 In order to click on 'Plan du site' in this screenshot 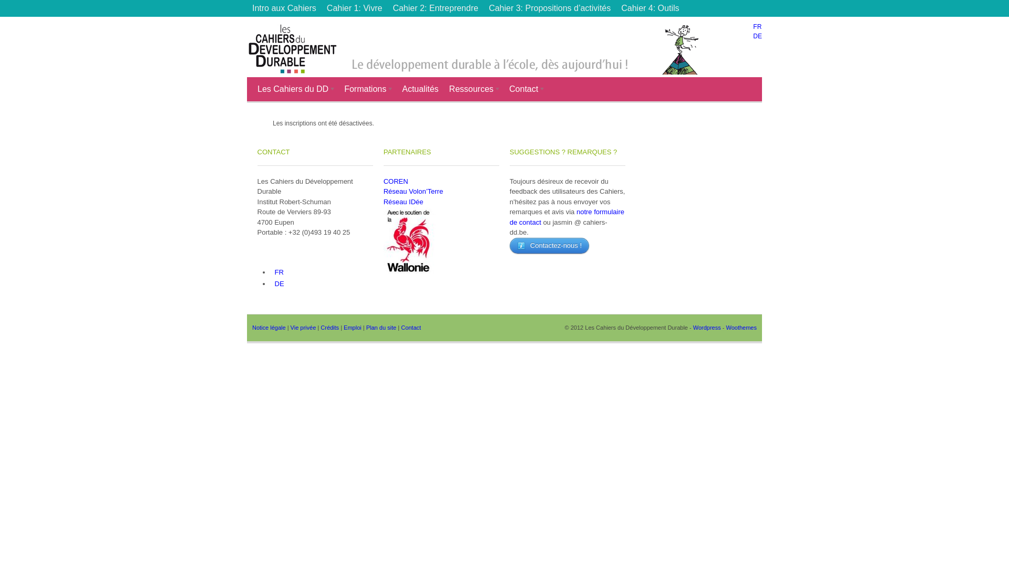, I will do `click(380, 327)`.